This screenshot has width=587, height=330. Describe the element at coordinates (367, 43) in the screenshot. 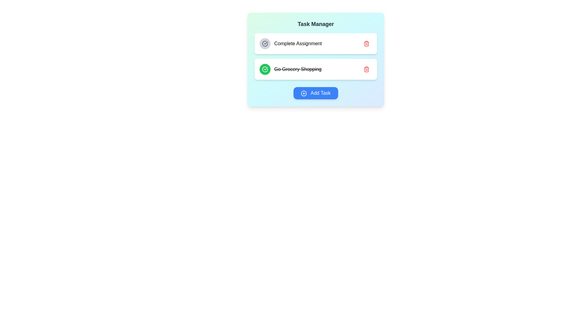

I see `the red trash icon button located at the far-right side of the task item labeled 'Complete Assignment'` at that location.